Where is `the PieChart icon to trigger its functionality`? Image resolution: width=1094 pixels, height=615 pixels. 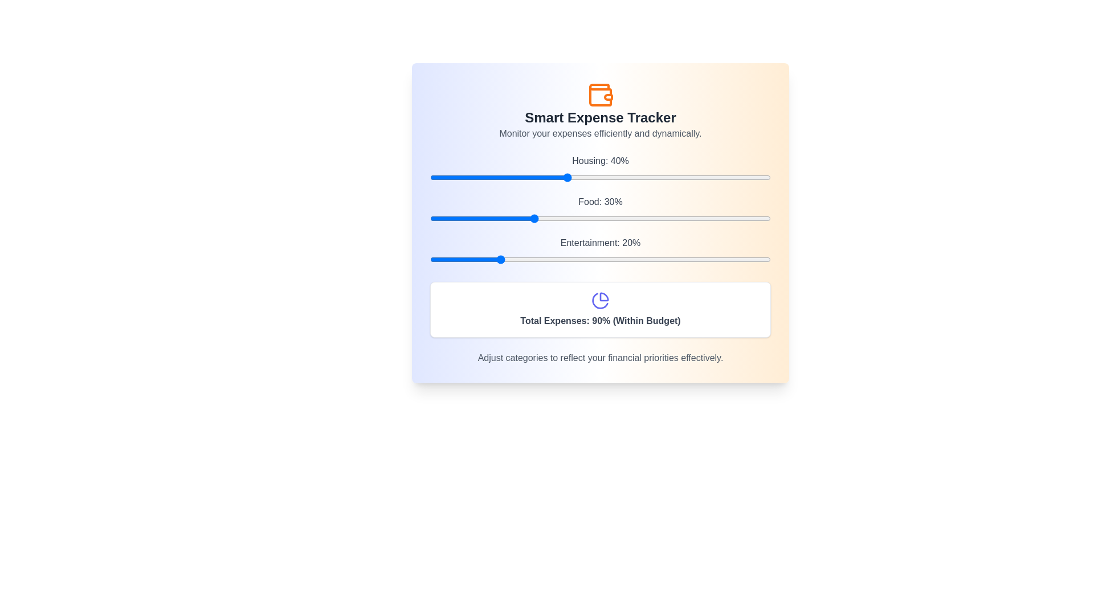 the PieChart icon to trigger its functionality is located at coordinates (600, 300).